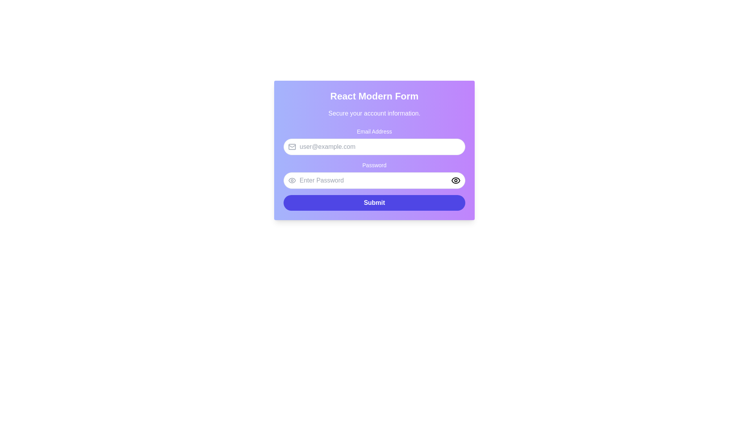 This screenshot has height=423, width=752. Describe the element at coordinates (374, 164) in the screenshot. I see `the 'Password' label, which is styled in a light color and is located directly below the 'Email Address' input field` at that location.